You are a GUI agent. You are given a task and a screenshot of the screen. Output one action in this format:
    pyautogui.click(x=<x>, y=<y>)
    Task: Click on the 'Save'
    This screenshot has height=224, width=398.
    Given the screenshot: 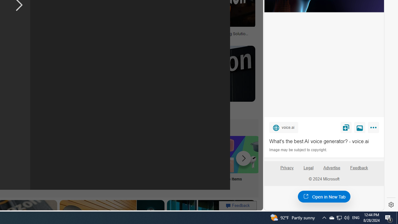 What is the action you would take?
    pyautogui.click(x=345, y=127)
    